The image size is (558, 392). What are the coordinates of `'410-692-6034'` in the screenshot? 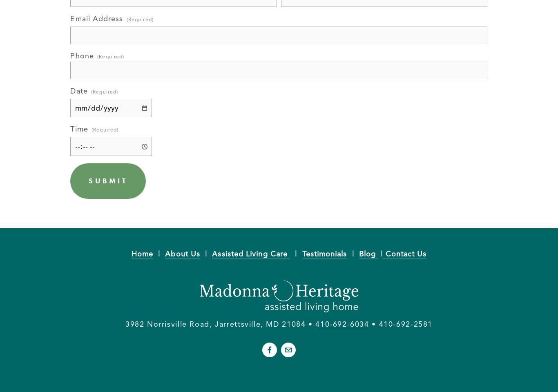 It's located at (341, 324).